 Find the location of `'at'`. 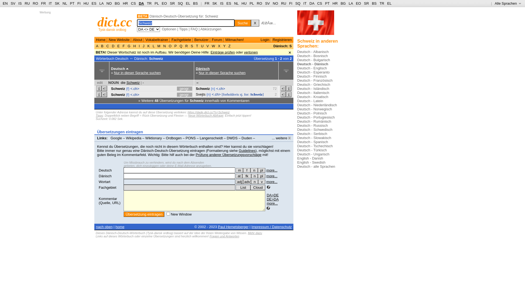

'at' is located at coordinates (239, 176).